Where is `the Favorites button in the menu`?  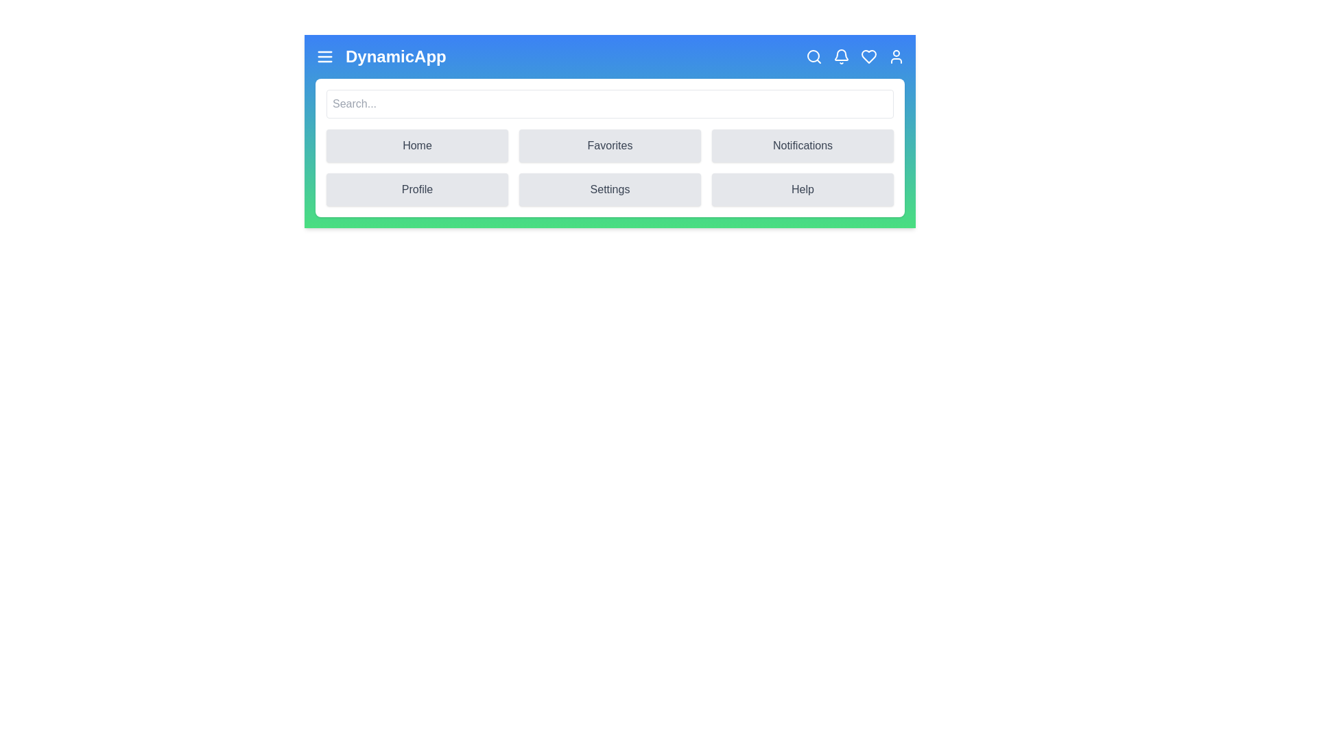 the Favorites button in the menu is located at coordinates (609, 145).